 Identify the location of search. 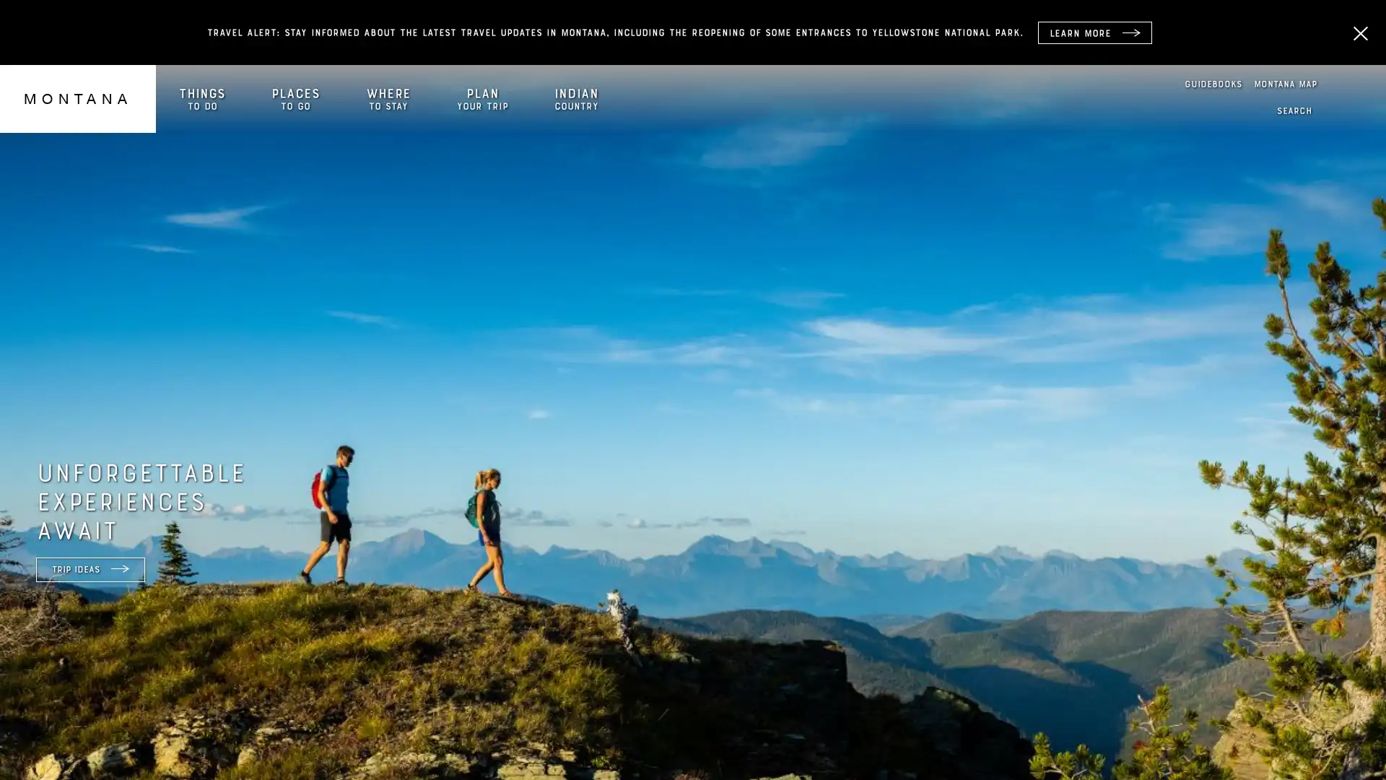
(1294, 110).